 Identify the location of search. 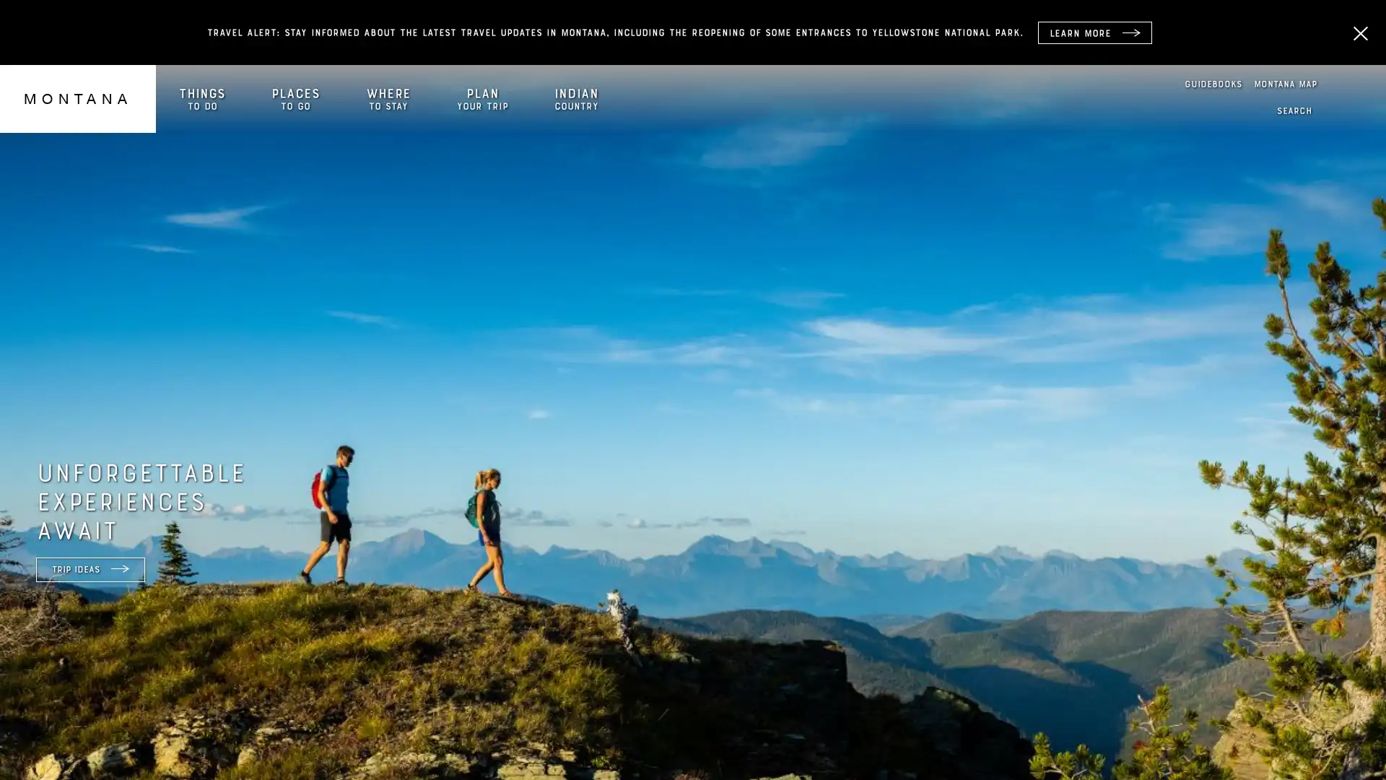
(1294, 110).